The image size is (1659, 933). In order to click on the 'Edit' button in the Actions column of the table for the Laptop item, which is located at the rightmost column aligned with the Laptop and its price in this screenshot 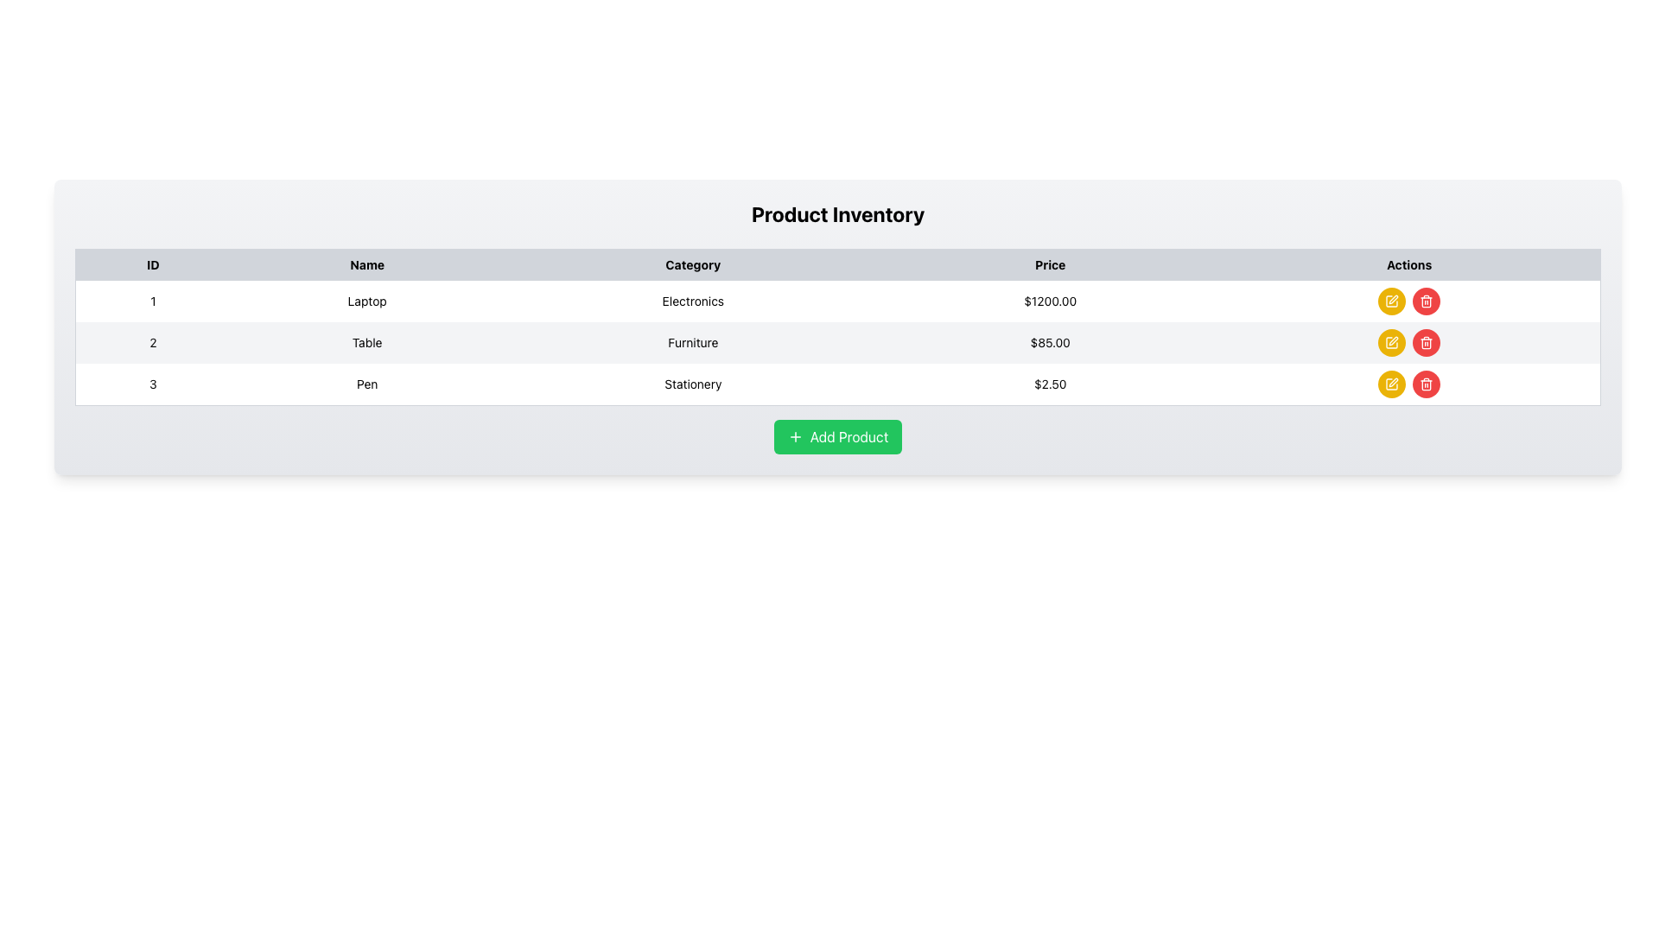, I will do `click(1409, 300)`.